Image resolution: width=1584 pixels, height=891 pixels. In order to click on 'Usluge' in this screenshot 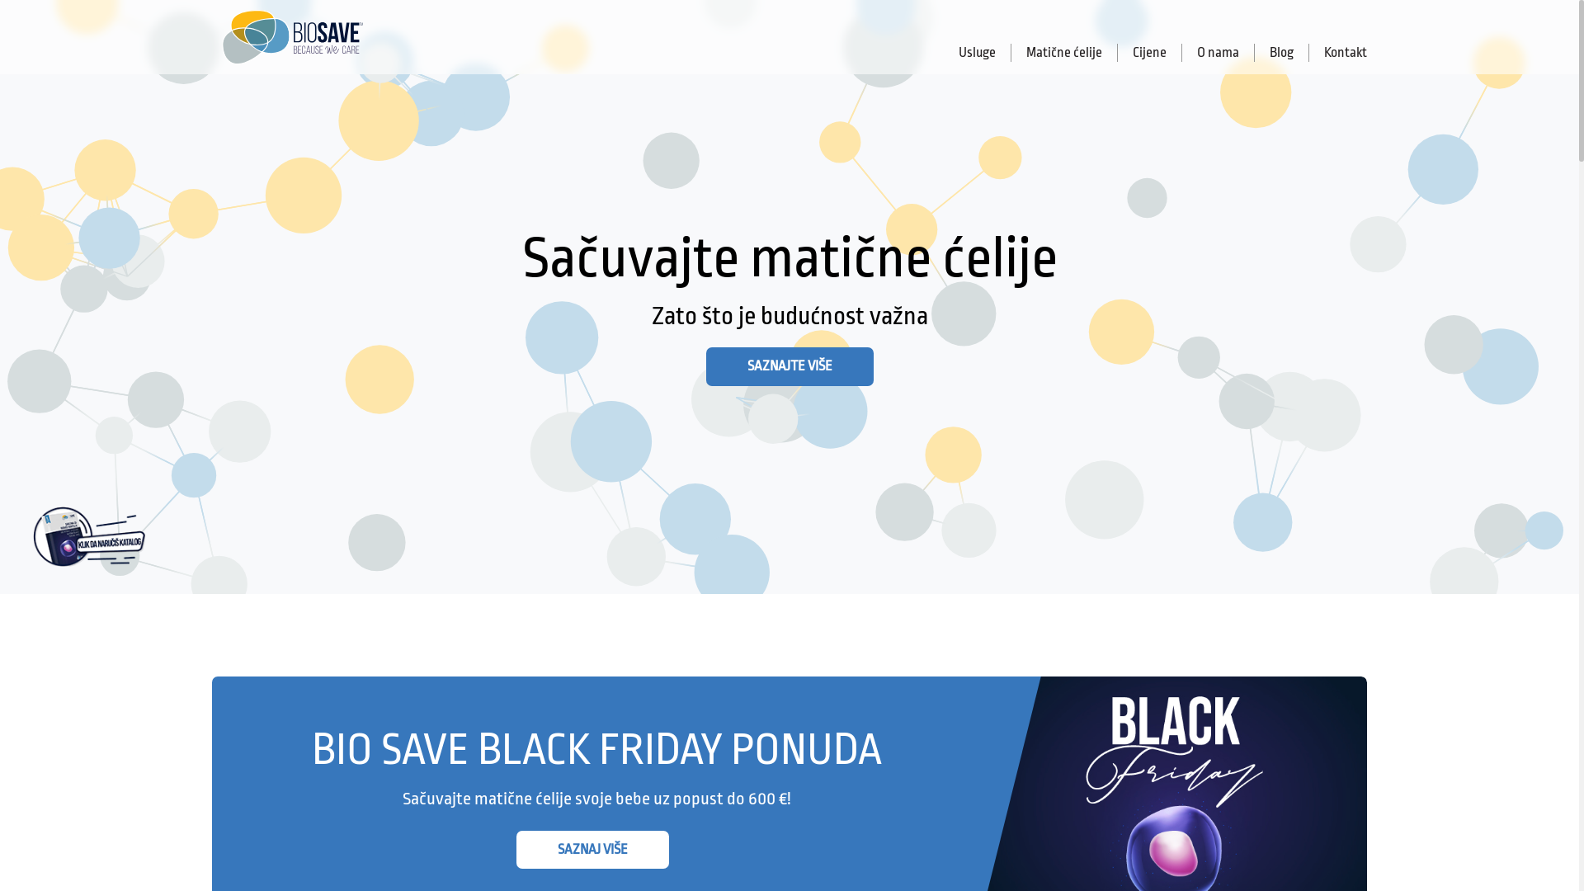, I will do `click(978, 52)`.